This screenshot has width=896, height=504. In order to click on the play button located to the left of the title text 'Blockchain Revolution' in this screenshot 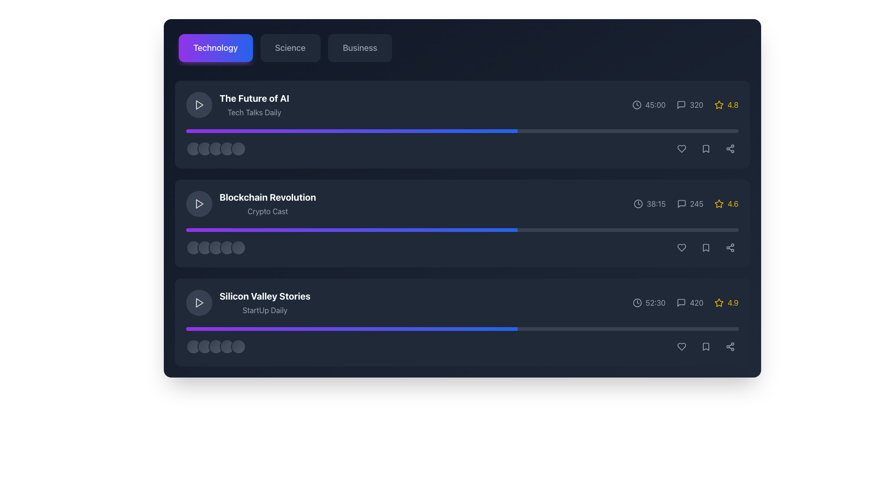, I will do `click(199, 203)`.